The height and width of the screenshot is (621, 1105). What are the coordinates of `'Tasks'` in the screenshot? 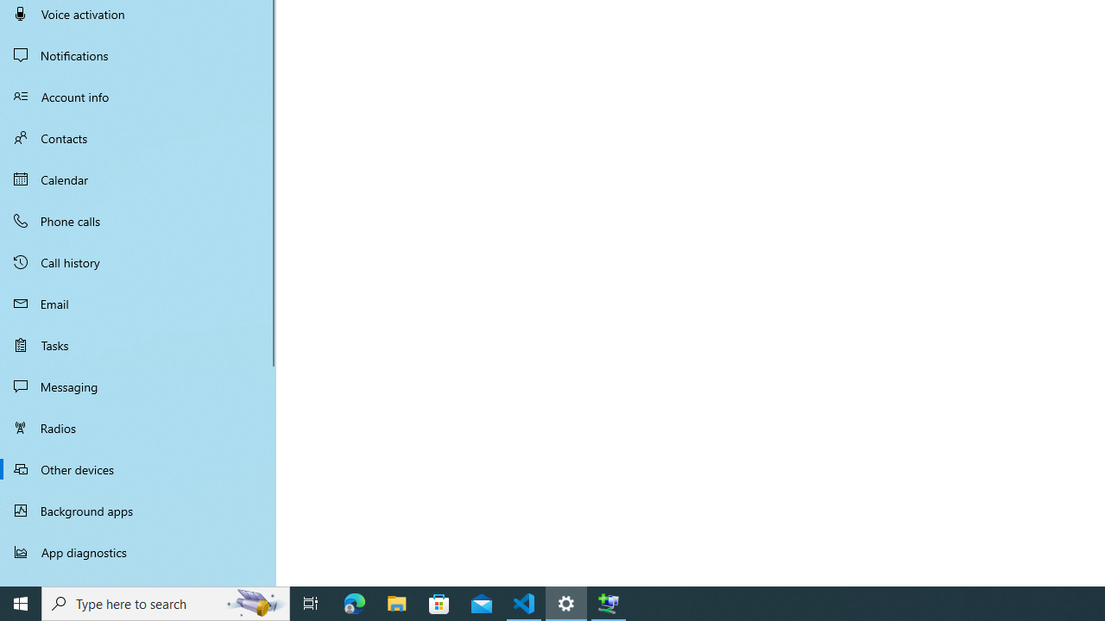 It's located at (138, 344).